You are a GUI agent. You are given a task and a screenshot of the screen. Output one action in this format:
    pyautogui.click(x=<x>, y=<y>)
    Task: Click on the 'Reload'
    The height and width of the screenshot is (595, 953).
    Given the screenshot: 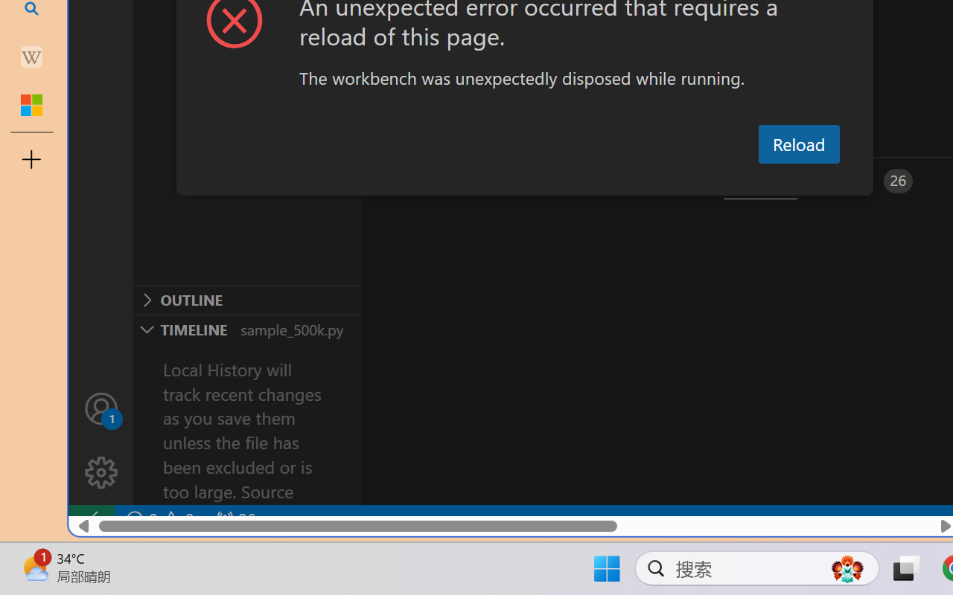 What is the action you would take?
    pyautogui.click(x=797, y=143)
    